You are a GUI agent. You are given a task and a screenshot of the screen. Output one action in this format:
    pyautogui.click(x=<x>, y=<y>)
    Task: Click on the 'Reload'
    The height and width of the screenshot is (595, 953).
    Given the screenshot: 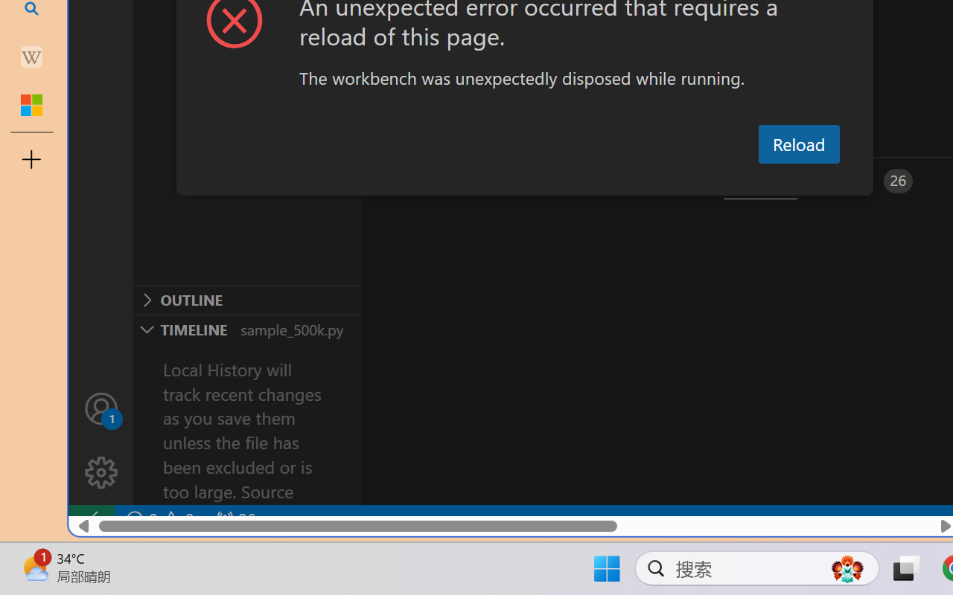 What is the action you would take?
    pyautogui.click(x=797, y=143)
    